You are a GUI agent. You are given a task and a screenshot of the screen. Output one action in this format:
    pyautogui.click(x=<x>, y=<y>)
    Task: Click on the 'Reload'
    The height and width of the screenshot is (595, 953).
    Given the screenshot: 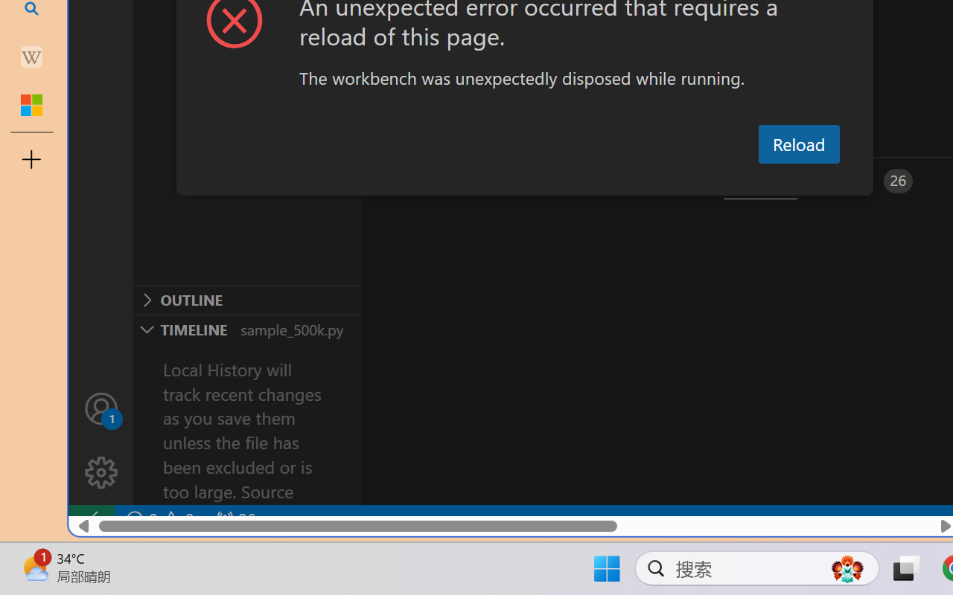 What is the action you would take?
    pyautogui.click(x=797, y=143)
    